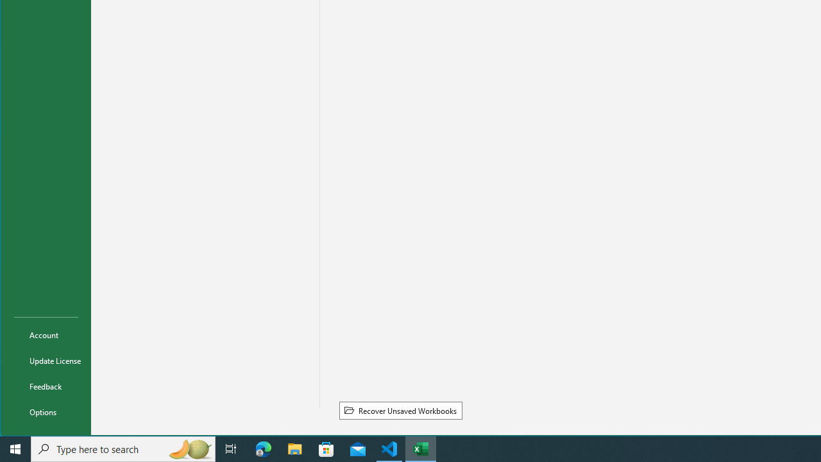 Image resolution: width=821 pixels, height=462 pixels. What do you see at coordinates (46, 360) in the screenshot?
I see `'Update License'` at bounding box center [46, 360].